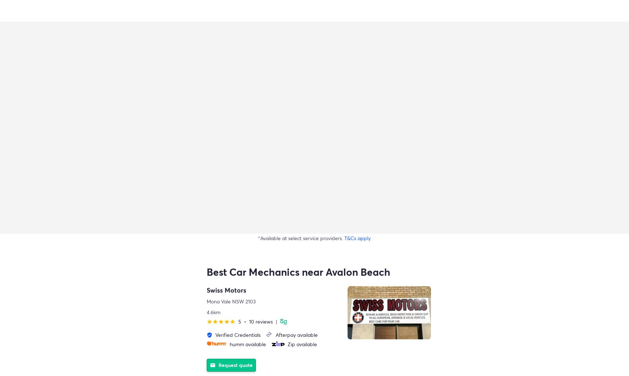  I want to click on 'Verified Credentials', so click(215, 335).